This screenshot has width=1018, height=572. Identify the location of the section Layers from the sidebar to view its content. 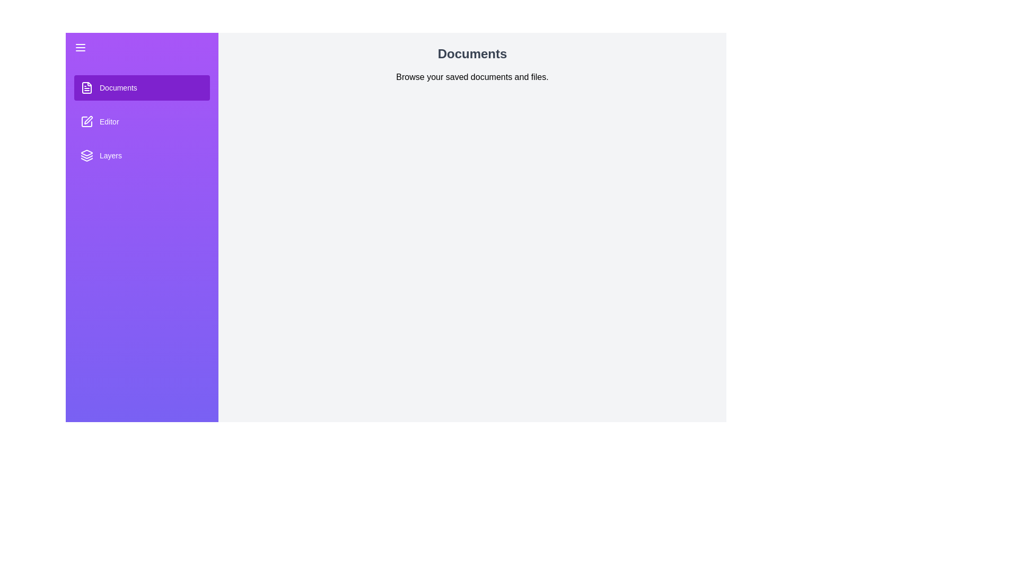
(142, 155).